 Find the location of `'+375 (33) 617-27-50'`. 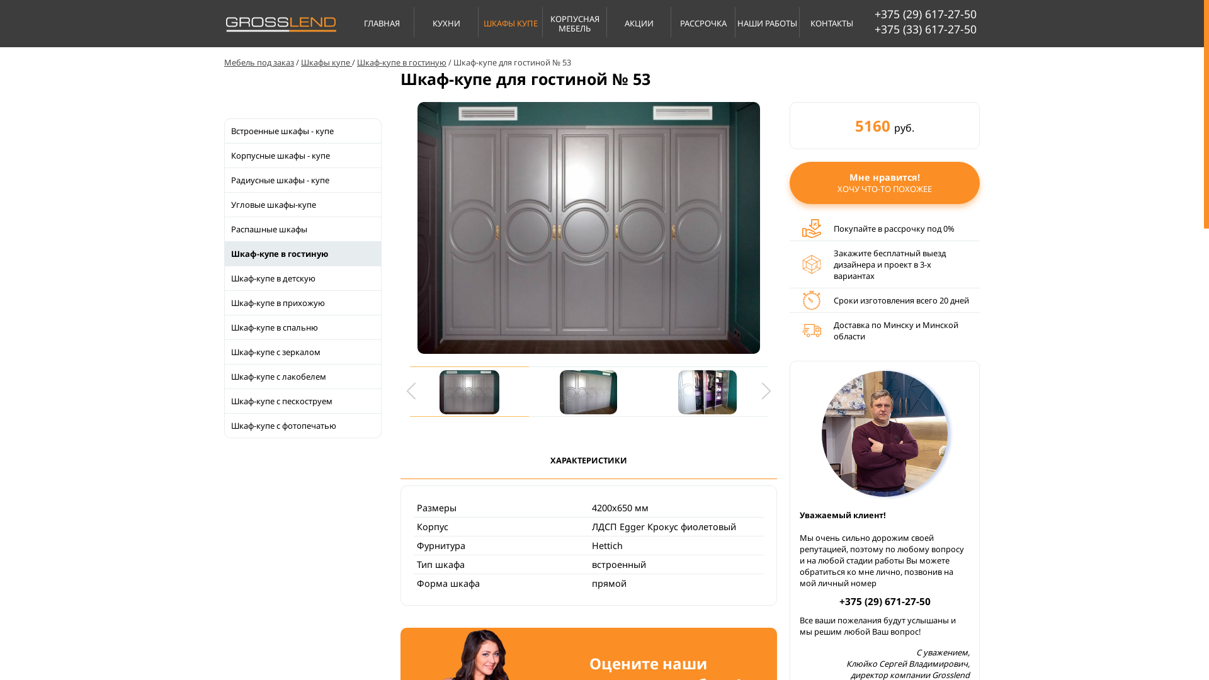

'+375 (33) 617-27-50' is located at coordinates (925, 28).